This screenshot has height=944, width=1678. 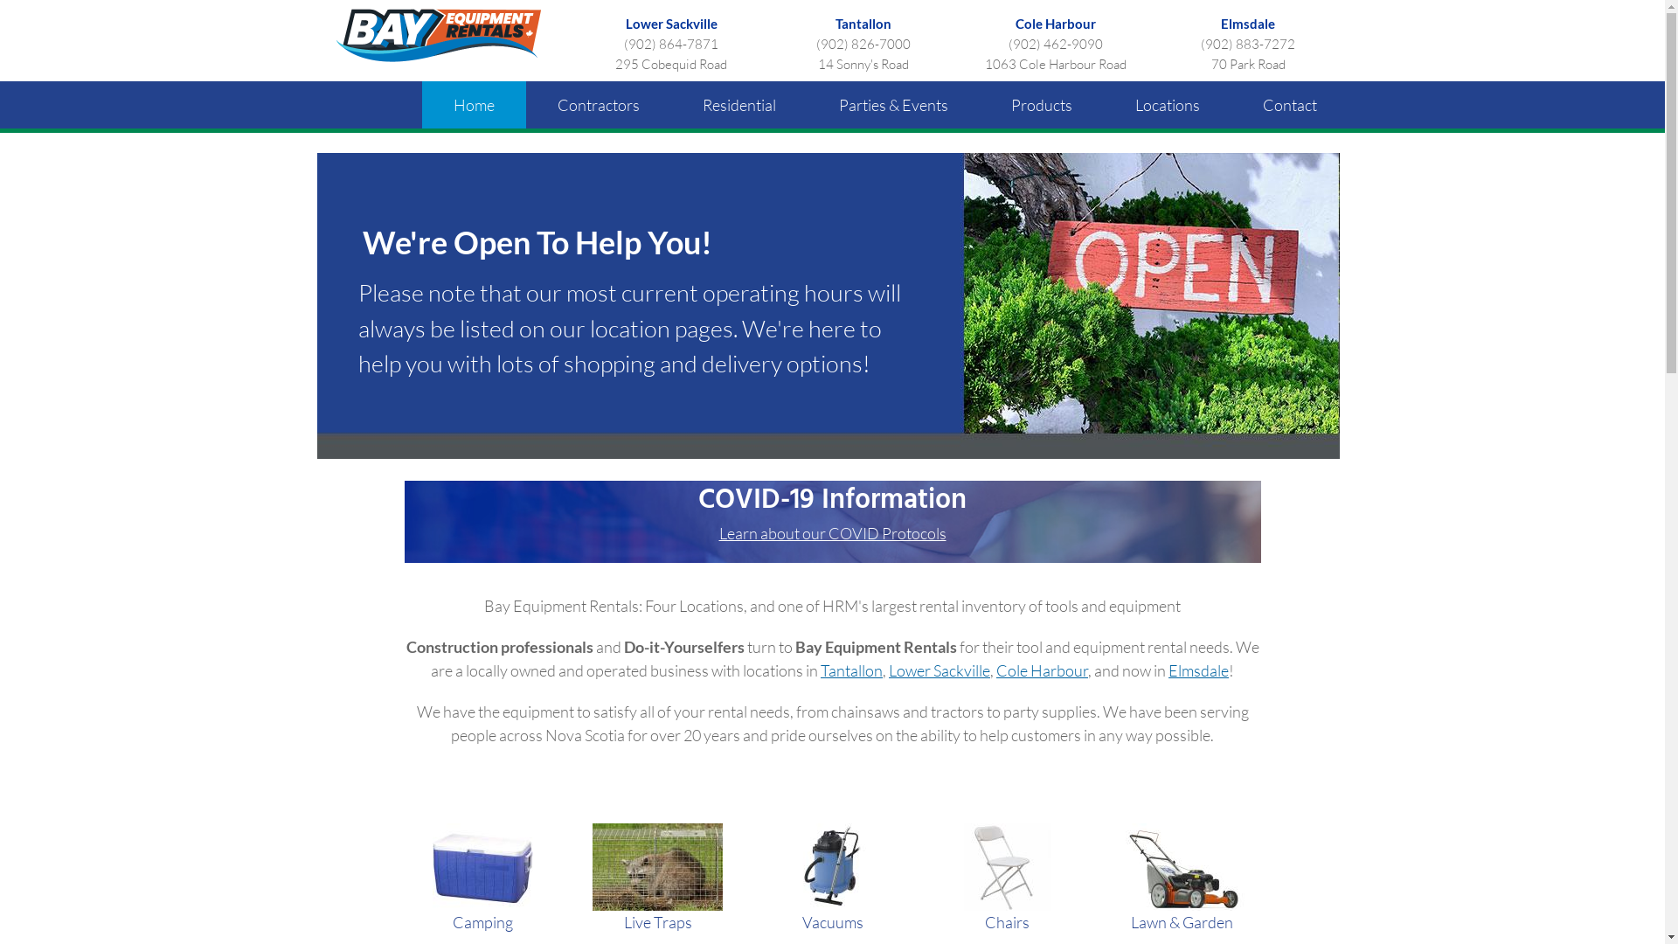 What do you see at coordinates (1288, 104) in the screenshot?
I see `'Contact'` at bounding box center [1288, 104].